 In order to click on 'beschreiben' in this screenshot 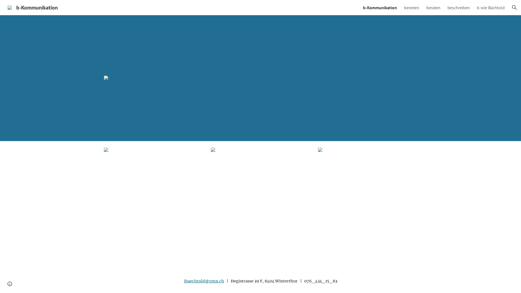, I will do `click(458, 7)`.